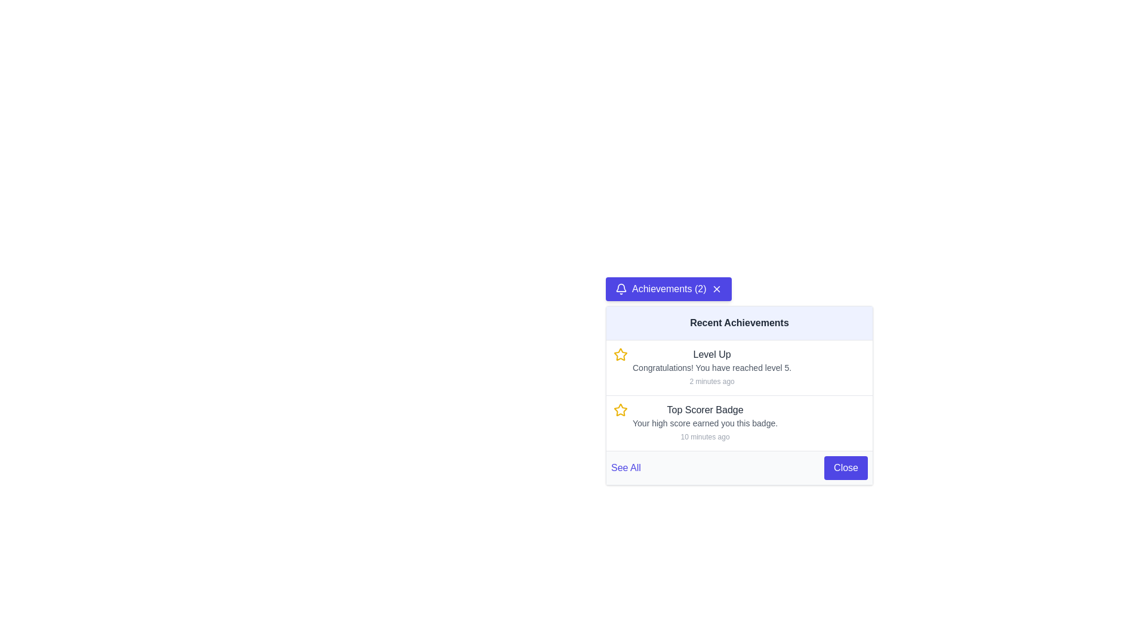  What do you see at coordinates (621, 409) in the screenshot?
I see `the yellow star icon located next to the 'Top Scorer Badge' text in the 'Recent Achievements' section` at bounding box center [621, 409].